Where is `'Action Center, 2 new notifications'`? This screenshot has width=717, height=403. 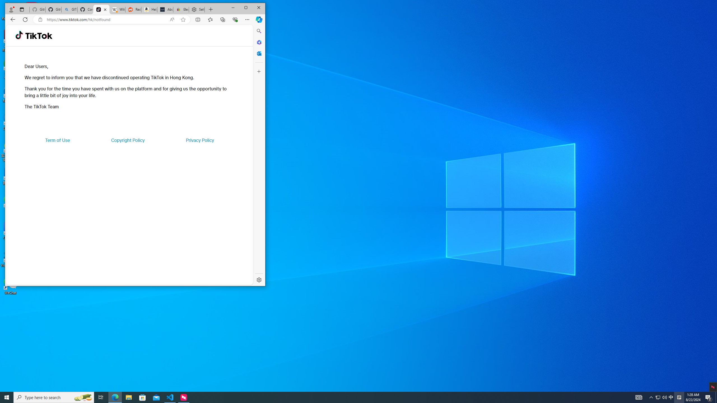
'Action Center, 2 new notifications' is located at coordinates (709, 397).